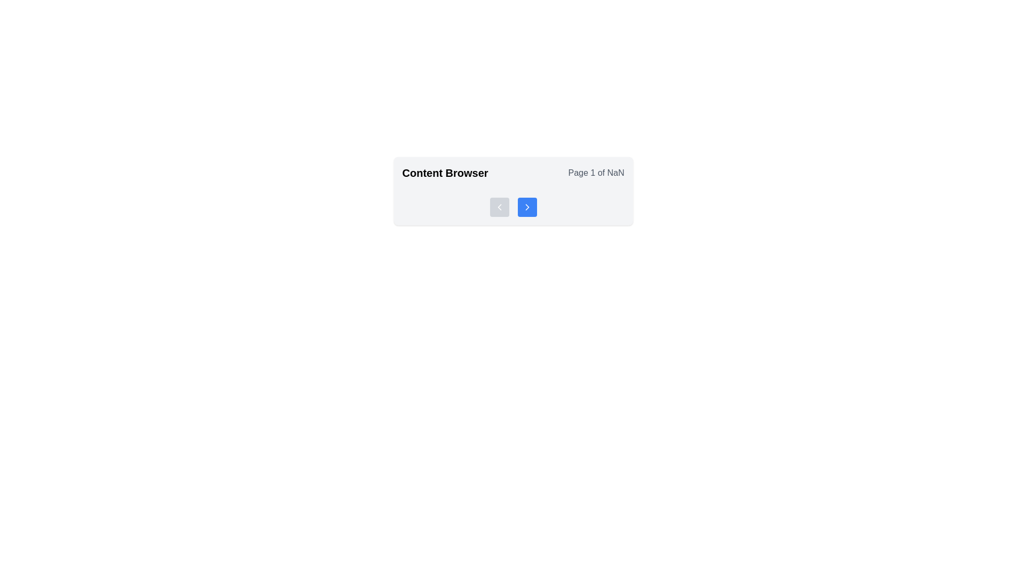  Describe the element at coordinates (527, 207) in the screenshot. I see `the right-side navigation button in the navigation bar` at that location.